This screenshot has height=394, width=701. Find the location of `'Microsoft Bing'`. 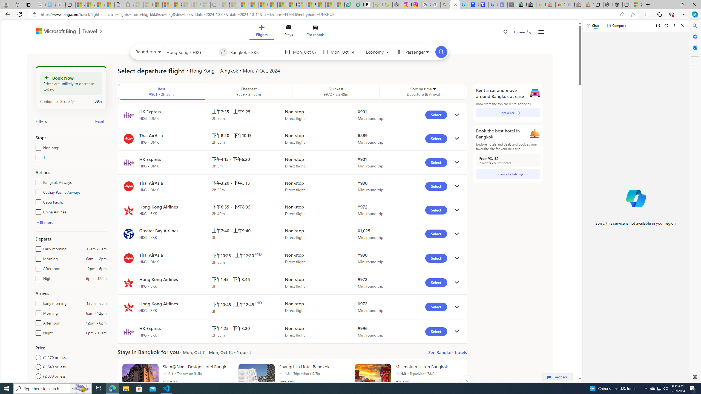

'Microsoft Bing' is located at coordinates (53, 31).